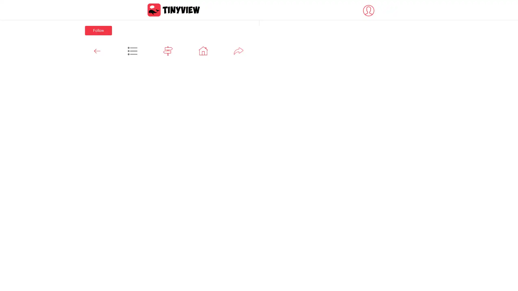  Describe the element at coordinates (237, 30) in the screenshot. I see `Follow` at that location.